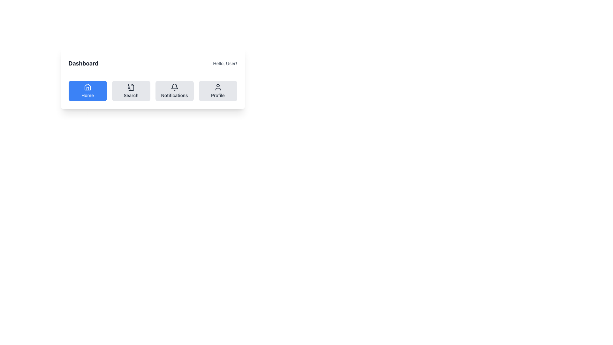  Describe the element at coordinates (225, 64) in the screenshot. I see `the text label 'Hello, User!' located in the top-right section of the navigation bar, positioned next to 'Dashboard'` at that location.